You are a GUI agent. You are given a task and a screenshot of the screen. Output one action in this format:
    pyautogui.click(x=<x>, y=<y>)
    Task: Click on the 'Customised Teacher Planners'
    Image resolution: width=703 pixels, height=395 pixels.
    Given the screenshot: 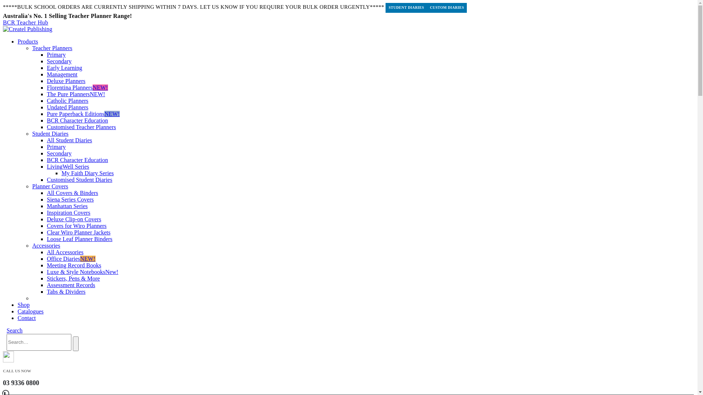 What is the action you would take?
    pyautogui.click(x=81, y=127)
    